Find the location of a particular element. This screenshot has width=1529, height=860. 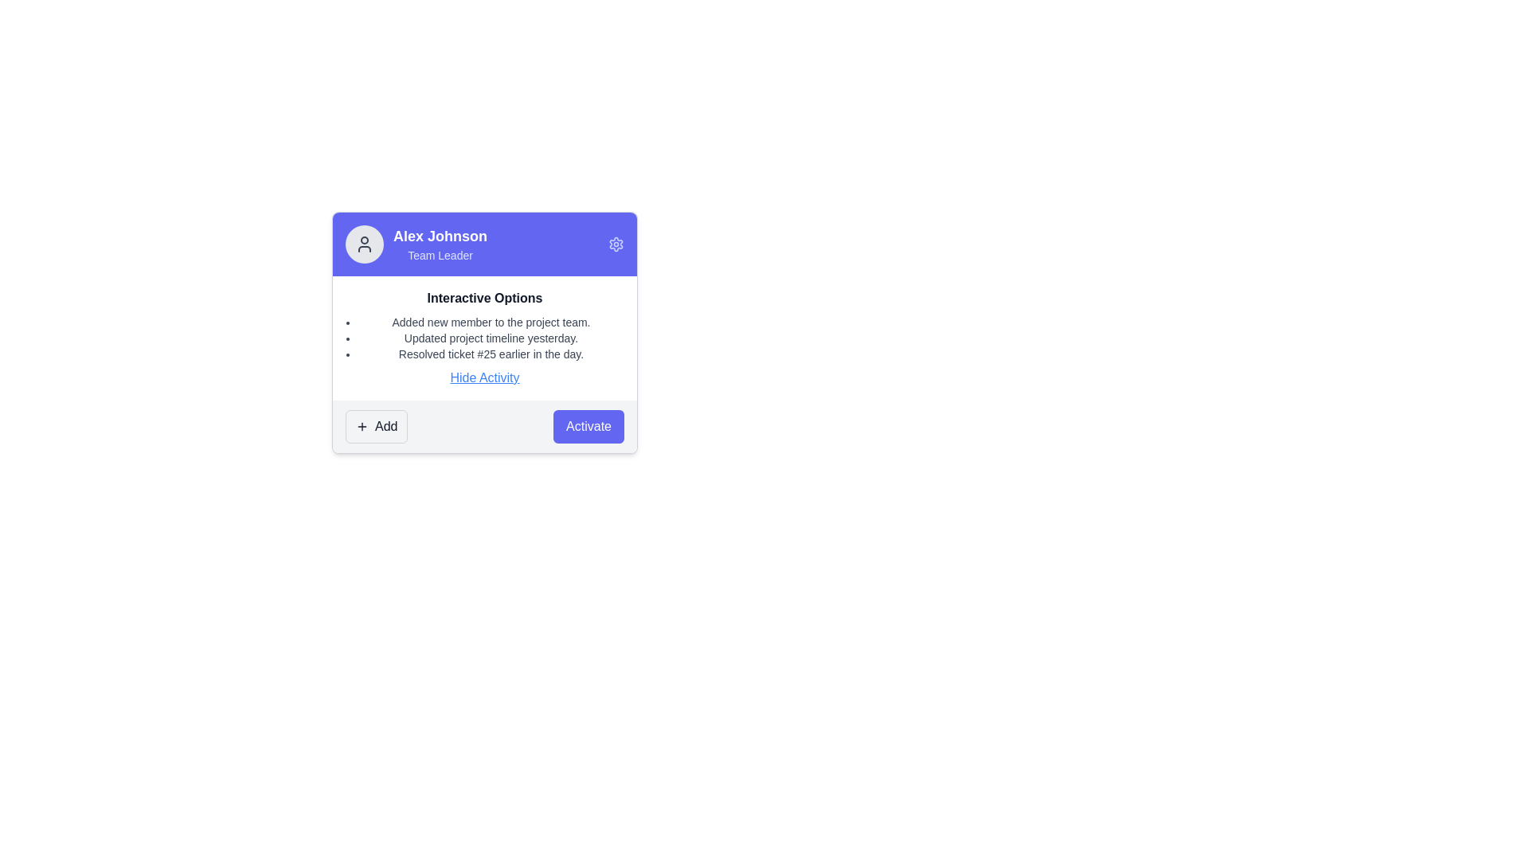

the settings button located at the top-right corner of the card, to the right of the text 'Alex Johnson Team Leader' is located at coordinates (615, 244).